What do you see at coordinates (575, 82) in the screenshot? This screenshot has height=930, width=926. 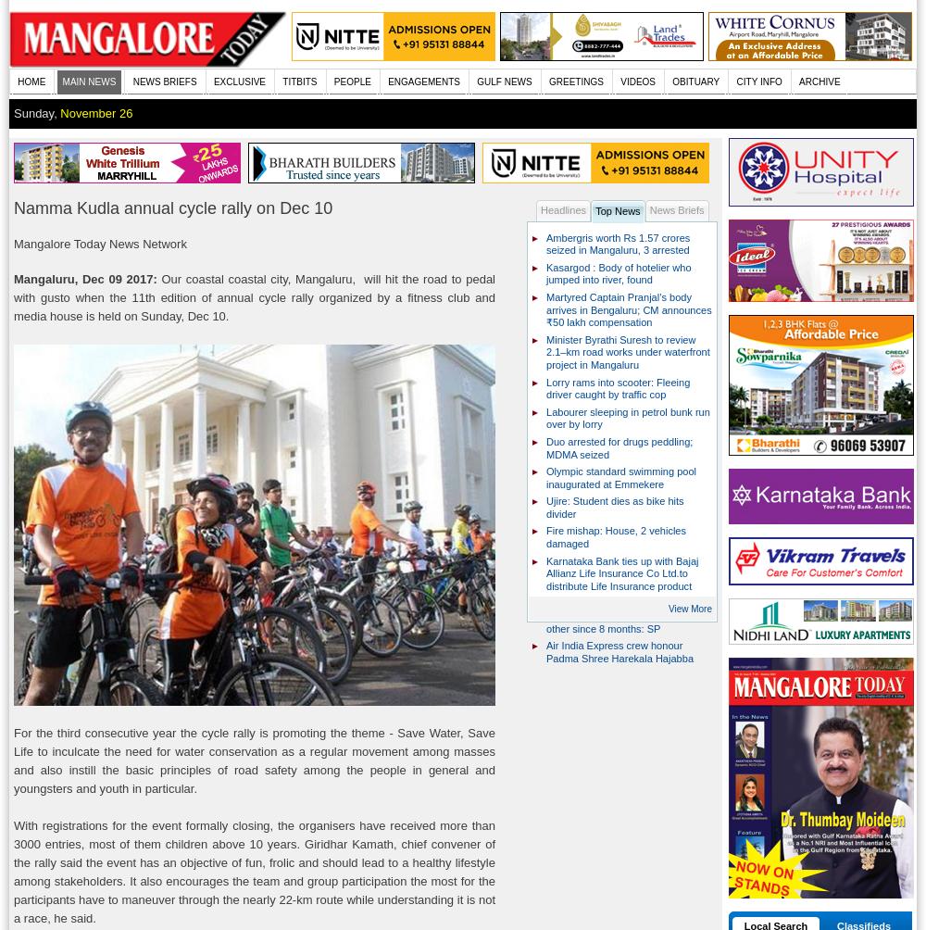 I see `'GREETINGS'` at bounding box center [575, 82].